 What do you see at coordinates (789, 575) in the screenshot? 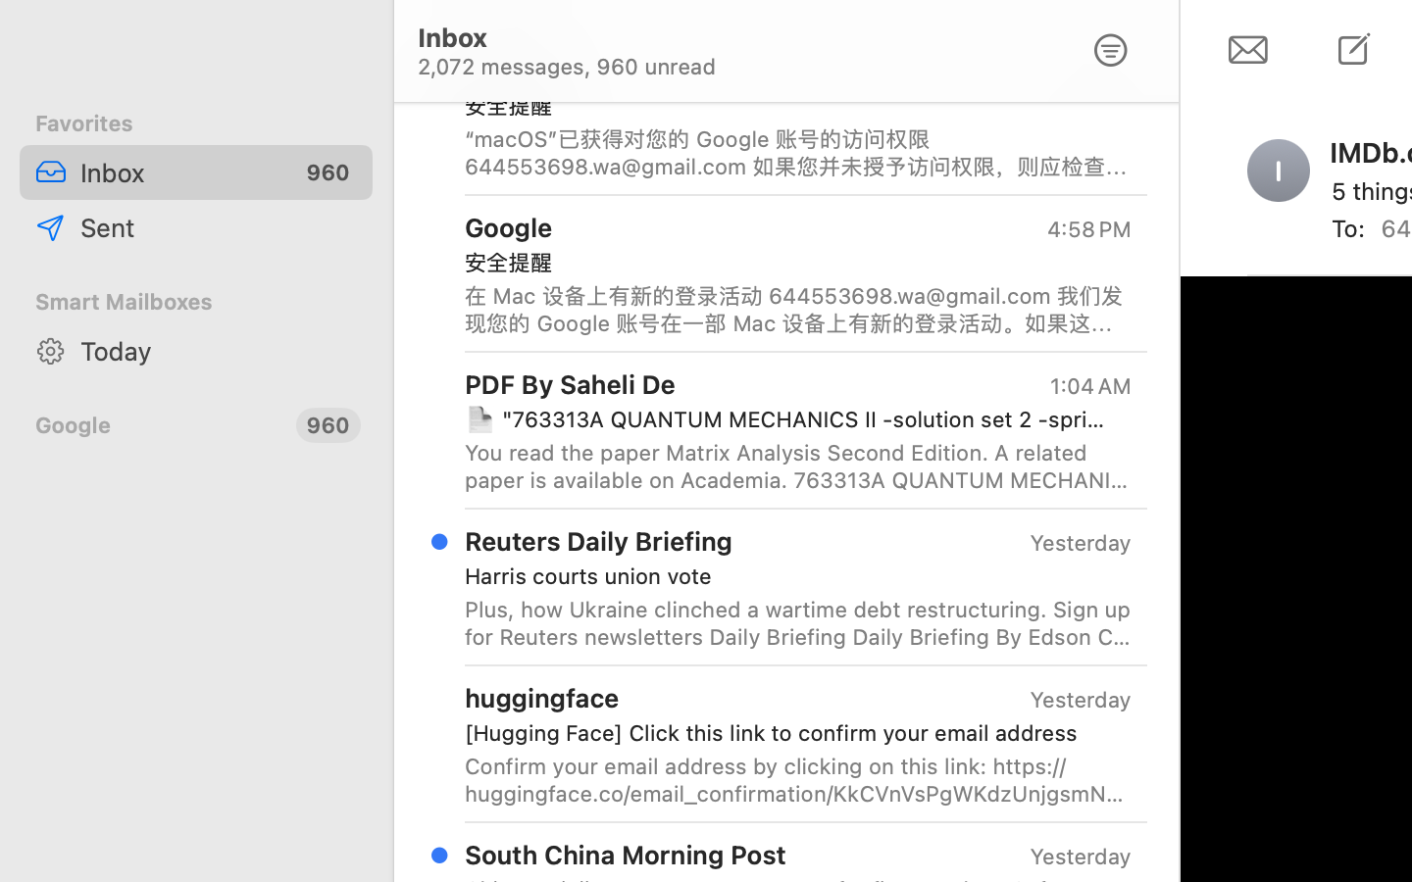
I see `'Harris courts union vote'` at bounding box center [789, 575].